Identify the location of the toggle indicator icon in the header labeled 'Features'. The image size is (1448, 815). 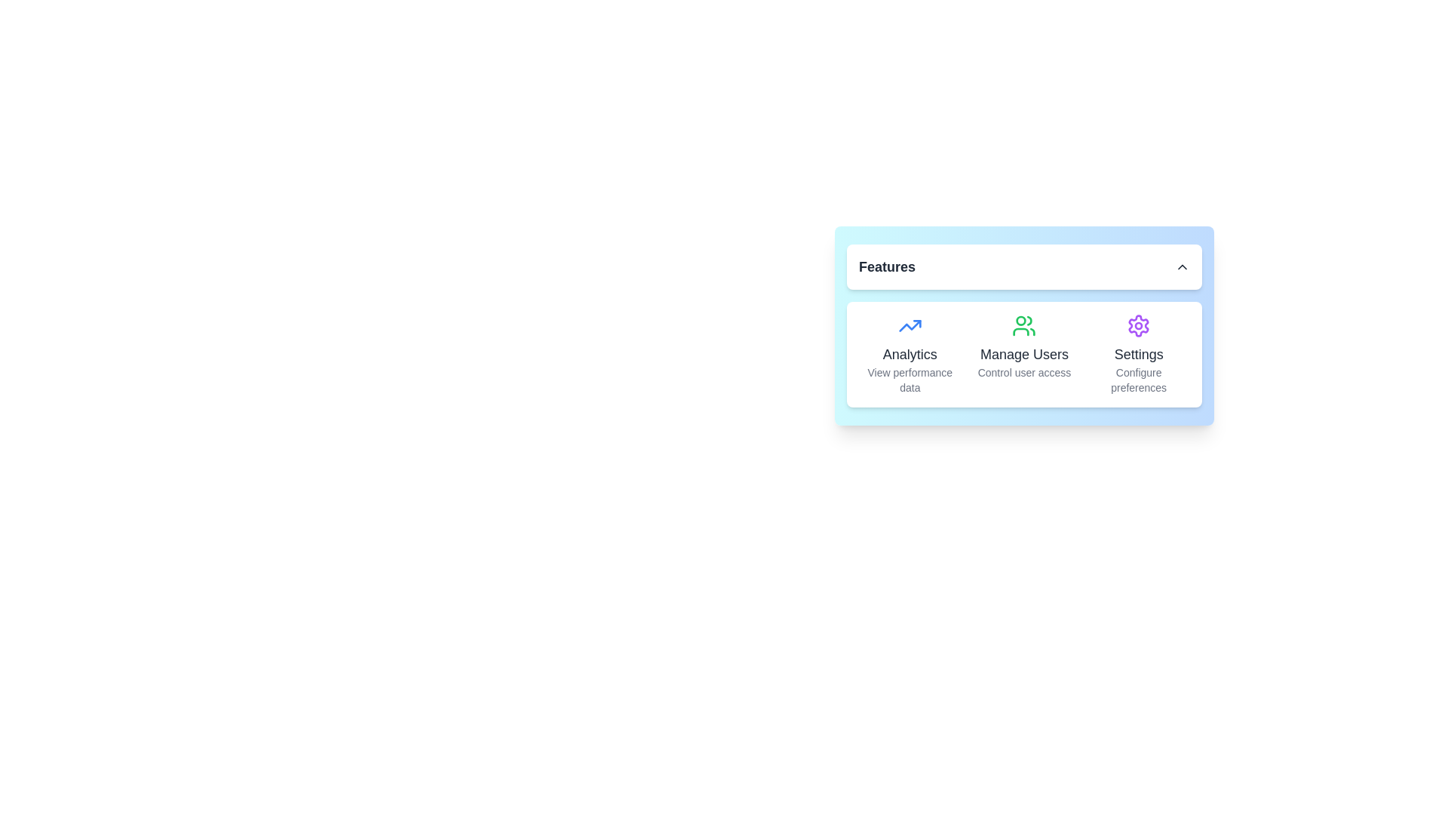
(1182, 266).